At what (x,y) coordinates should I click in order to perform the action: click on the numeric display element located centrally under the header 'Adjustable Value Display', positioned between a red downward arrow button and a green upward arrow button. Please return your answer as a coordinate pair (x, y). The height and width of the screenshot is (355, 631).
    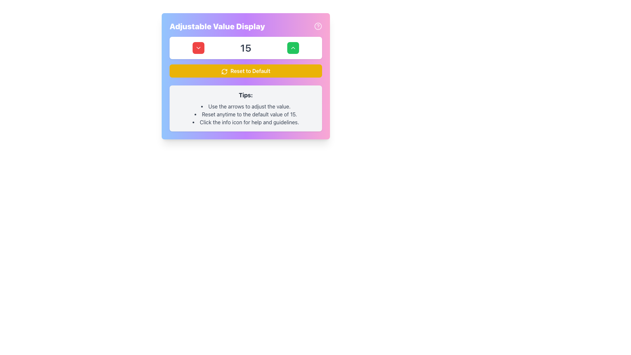
    Looking at the image, I should click on (245, 48).